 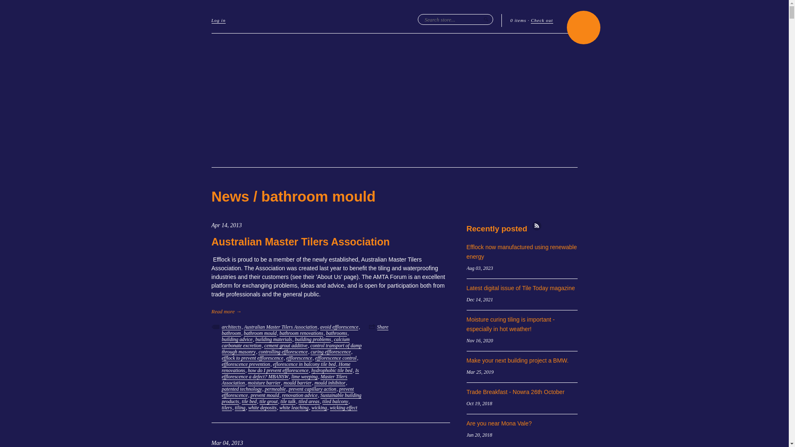 What do you see at coordinates (291, 398) in the screenshot?
I see `'Sustainable building products'` at bounding box center [291, 398].